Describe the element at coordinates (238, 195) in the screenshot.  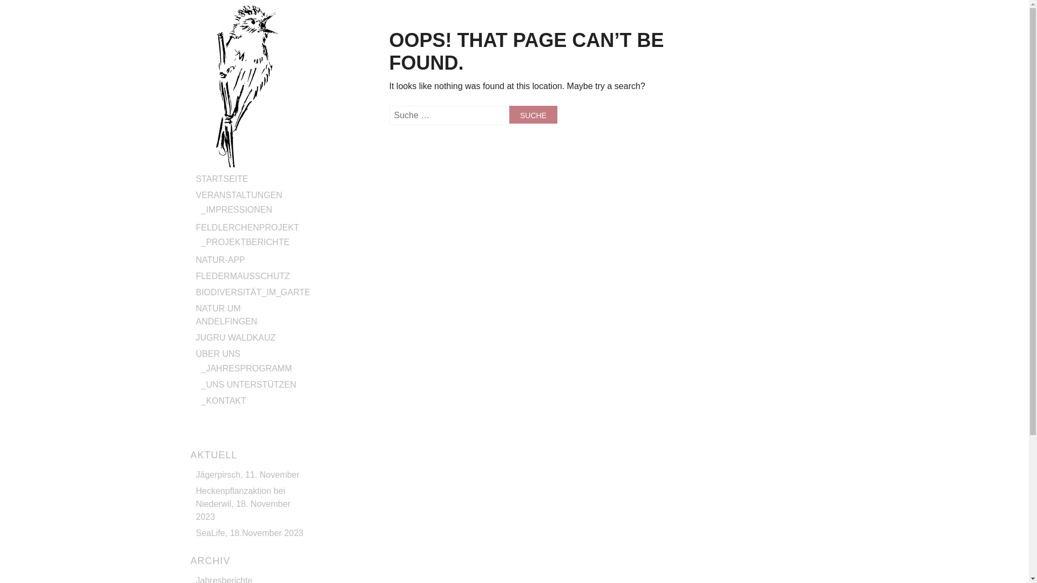
I see `'VERANSTALTUNGEN'` at that location.